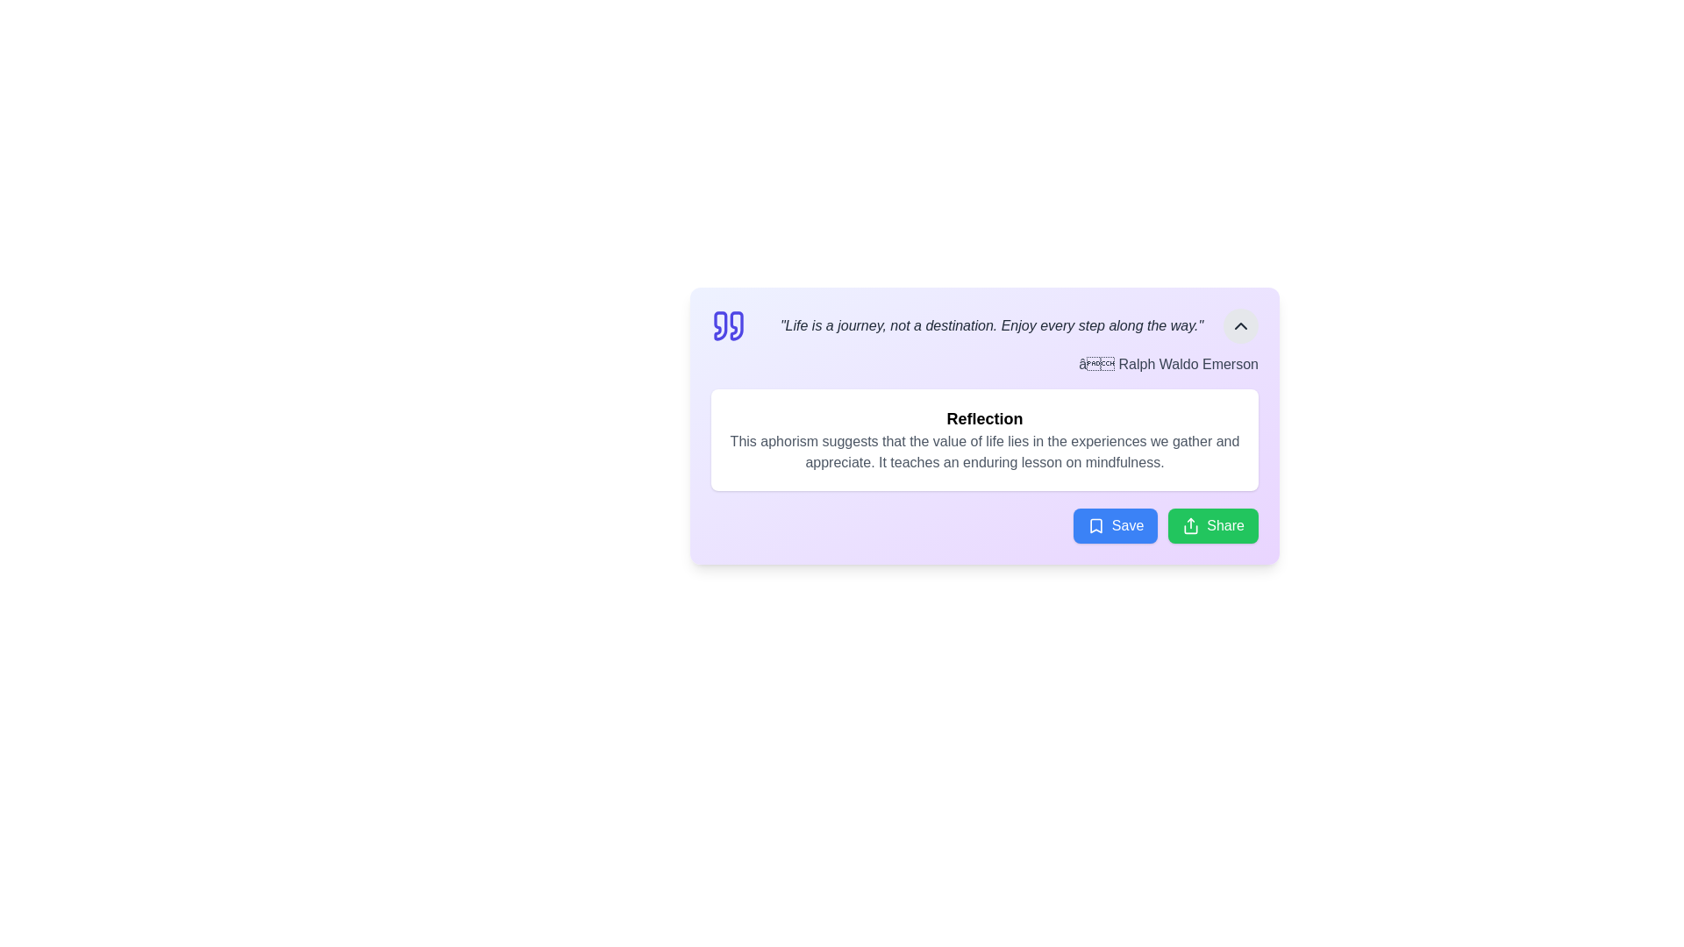  Describe the element at coordinates (1115, 525) in the screenshot. I see `the blue 'Save' button with rounded corners and a bookmark icon located at the bottom-right corner of the card layout` at that location.